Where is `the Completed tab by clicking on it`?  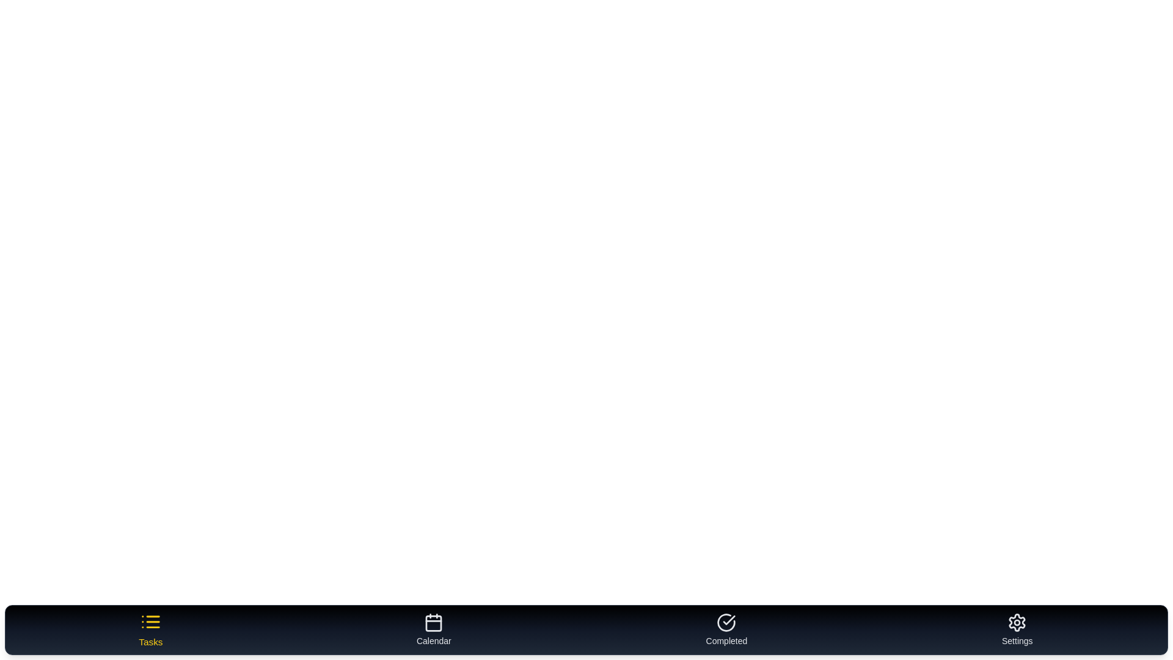
the Completed tab by clicking on it is located at coordinates (726, 629).